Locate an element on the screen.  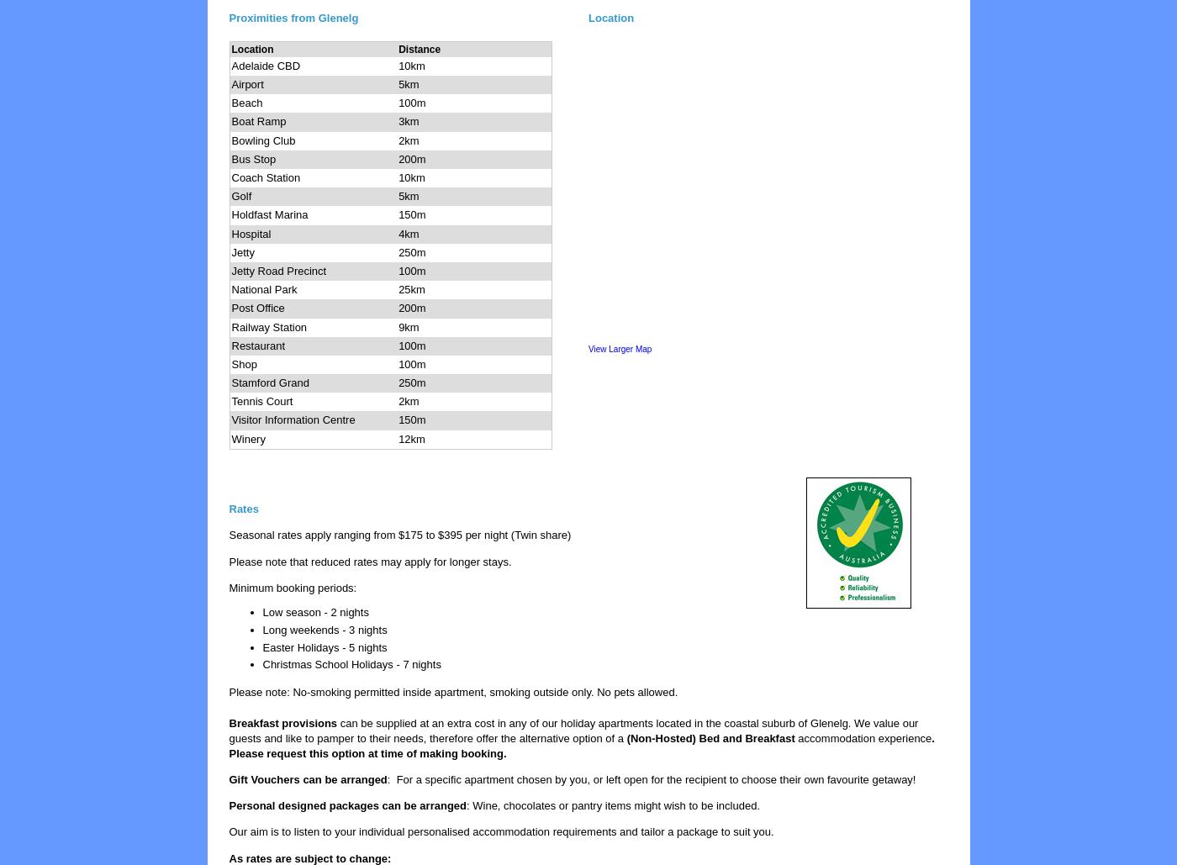
'Rates' is located at coordinates (243, 509).